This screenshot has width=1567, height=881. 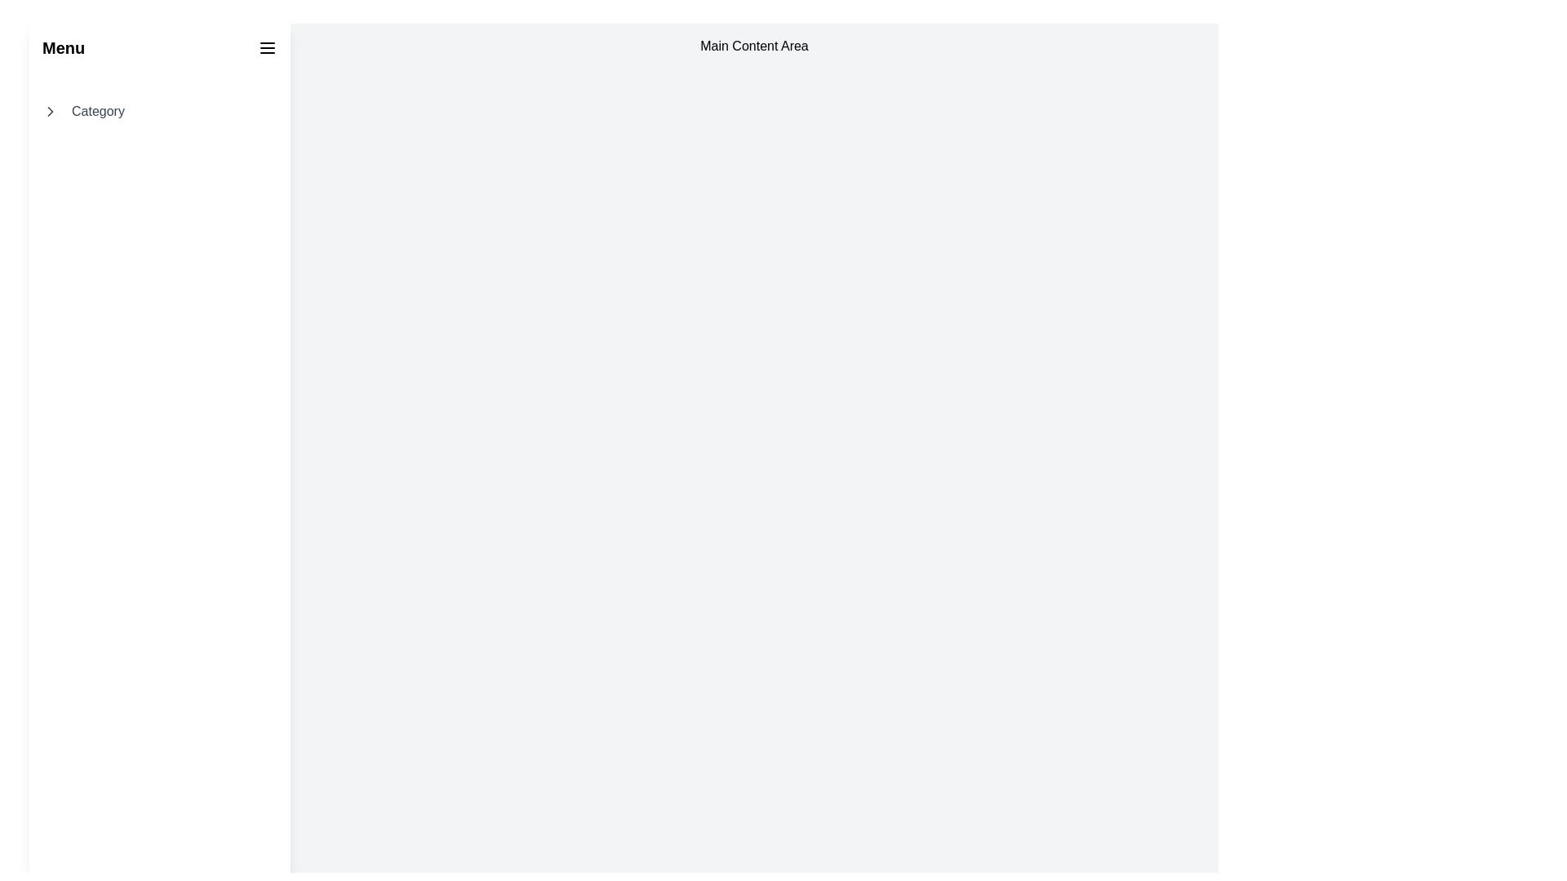 What do you see at coordinates (51, 111) in the screenshot?
I see `the navigation icon located to the left of the text 'Category' in the navigation row below the 'Menu' header` at bounding box center [51, 111].